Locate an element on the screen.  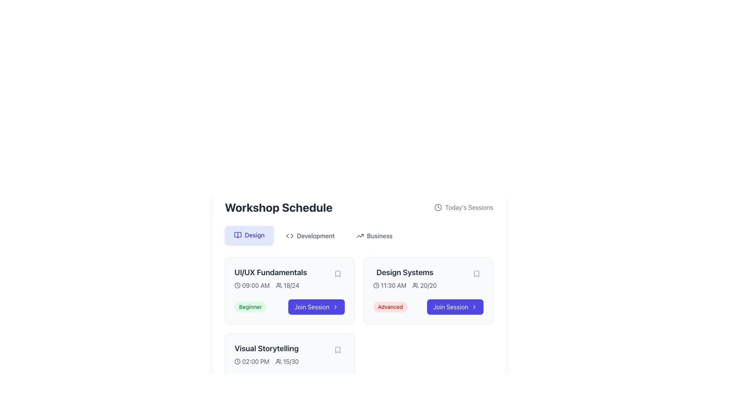
the static time display element '09:00 AM' with the accompanying analog clock icon, located in the 'UI/UX Fundamentals' schedule card under the 'Design' tab is located at coordinates (252, 286).